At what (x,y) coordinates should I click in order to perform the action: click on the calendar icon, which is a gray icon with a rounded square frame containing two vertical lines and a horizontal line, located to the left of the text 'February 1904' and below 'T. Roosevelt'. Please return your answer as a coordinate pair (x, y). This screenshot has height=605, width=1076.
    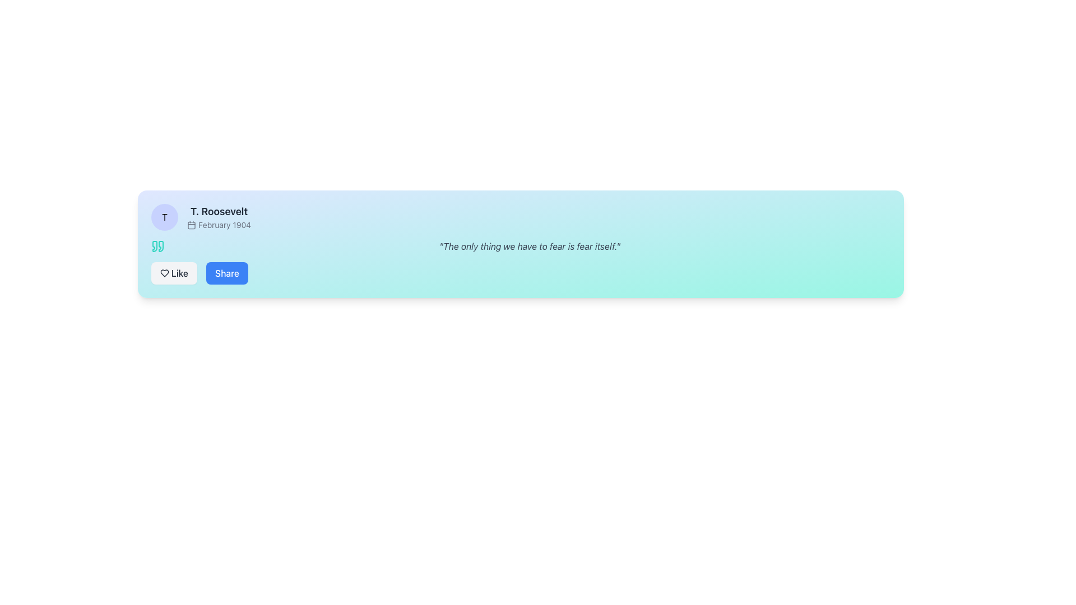
    Looking at the image, I should click on (191, 225).